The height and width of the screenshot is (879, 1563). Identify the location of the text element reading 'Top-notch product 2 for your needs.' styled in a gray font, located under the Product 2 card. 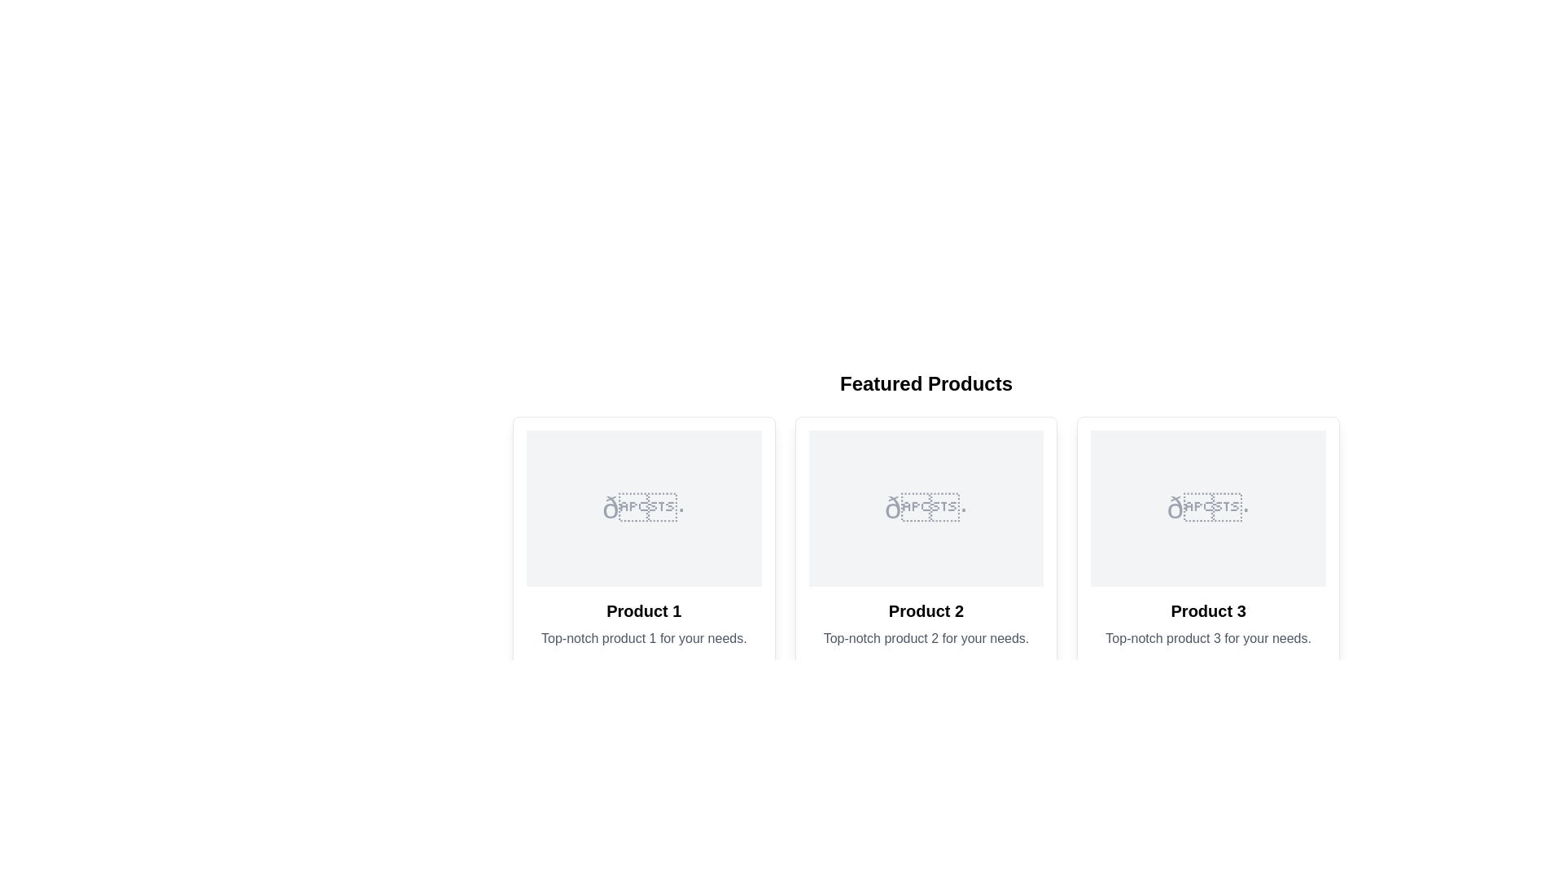
(926, 638).